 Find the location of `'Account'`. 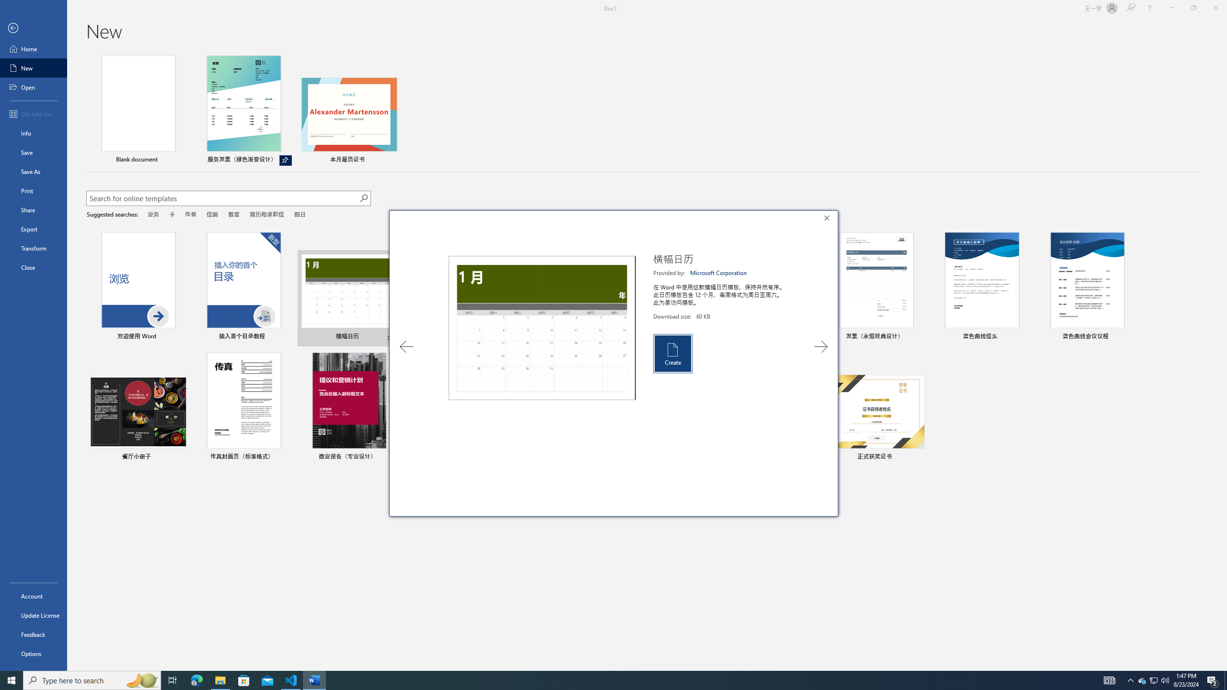

'Account' is located at coordinates (33, 596).